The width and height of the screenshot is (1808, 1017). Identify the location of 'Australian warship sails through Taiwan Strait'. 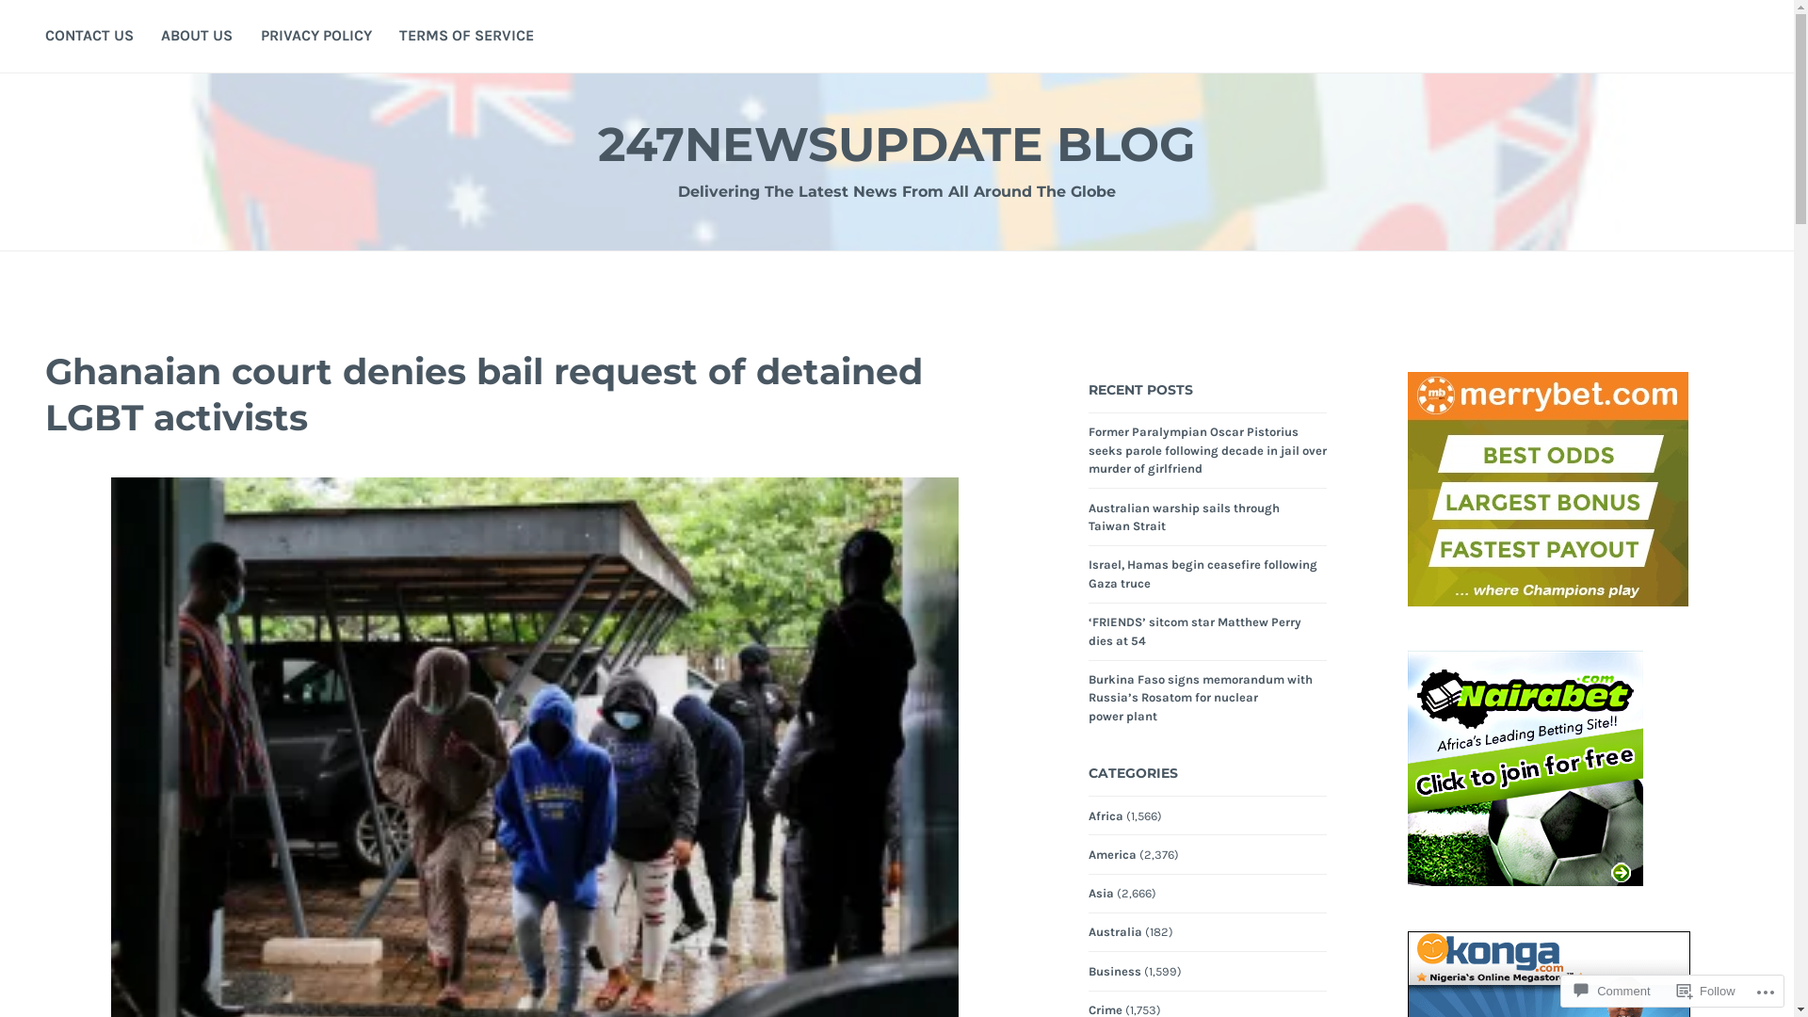
(1183, 518).